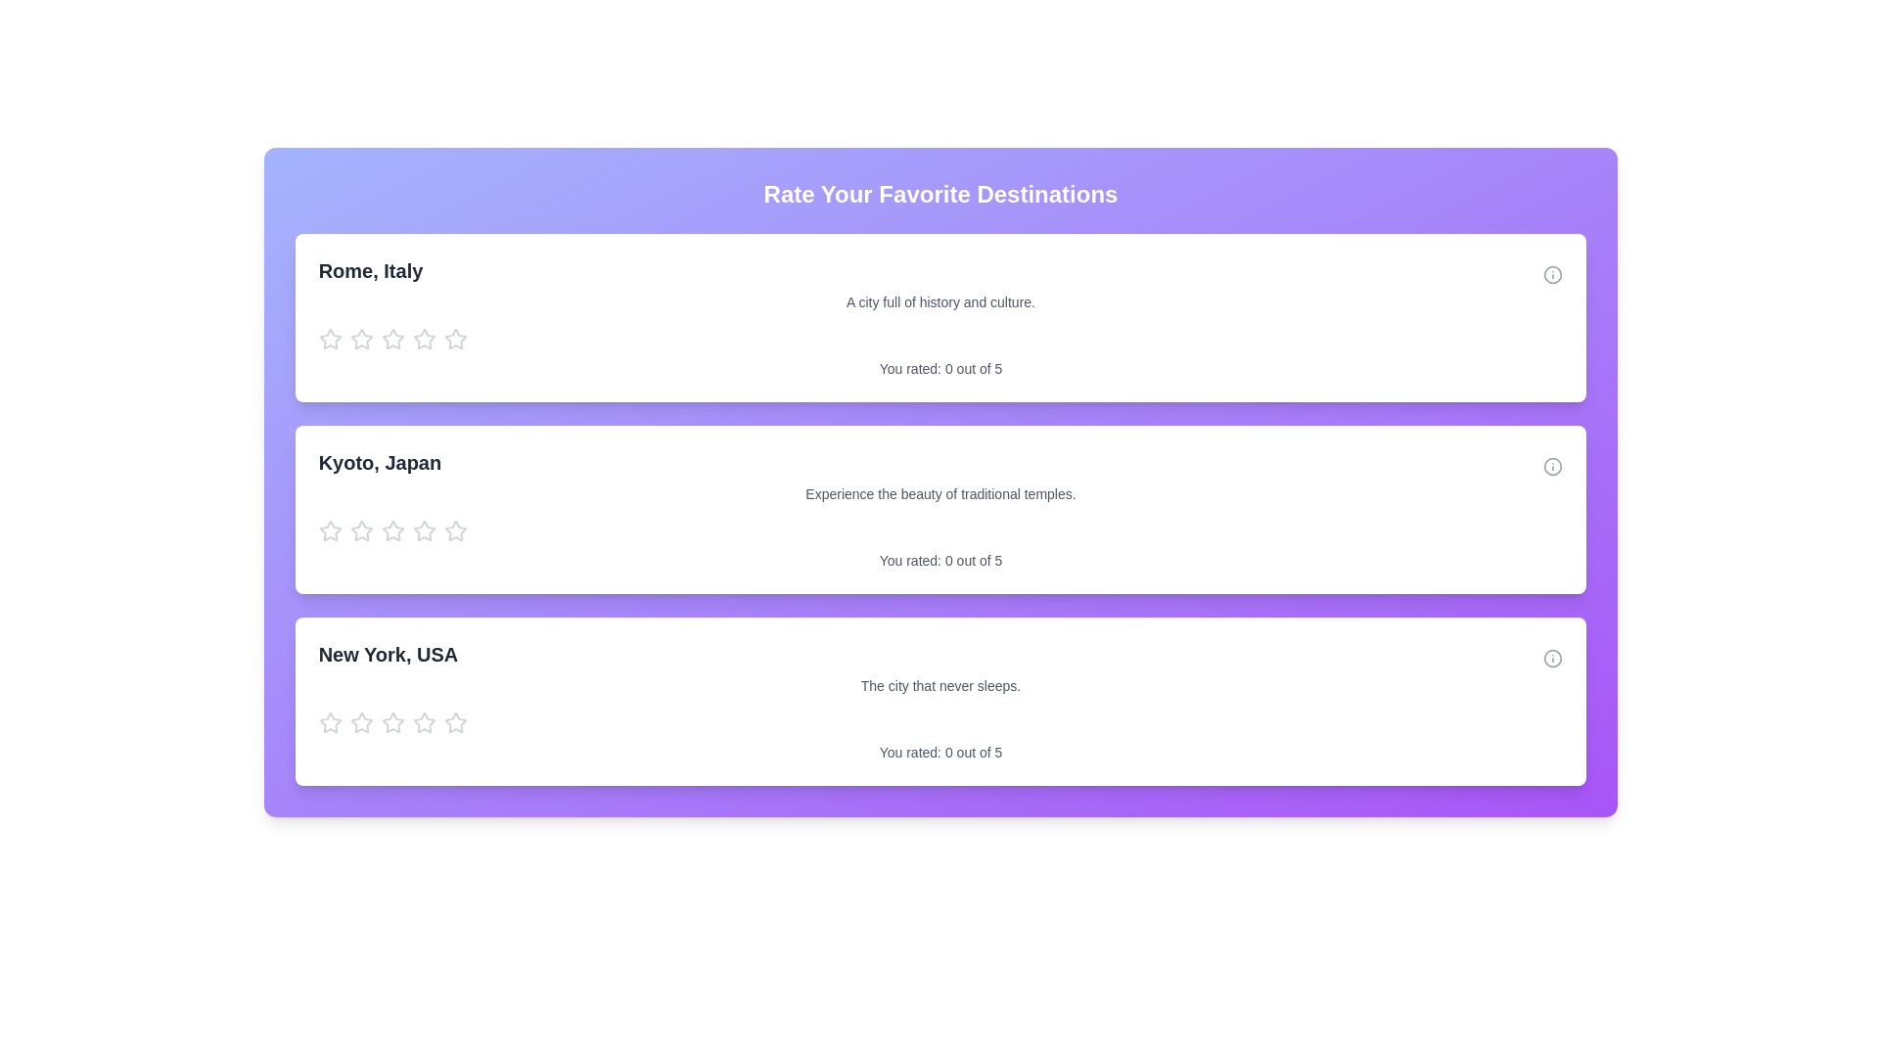  Describe the element at coordinates (454, 722) in the screenshot. I see `the fourth star icon in the star rating component under the card for 'New York, USA' to rate it` at that location.